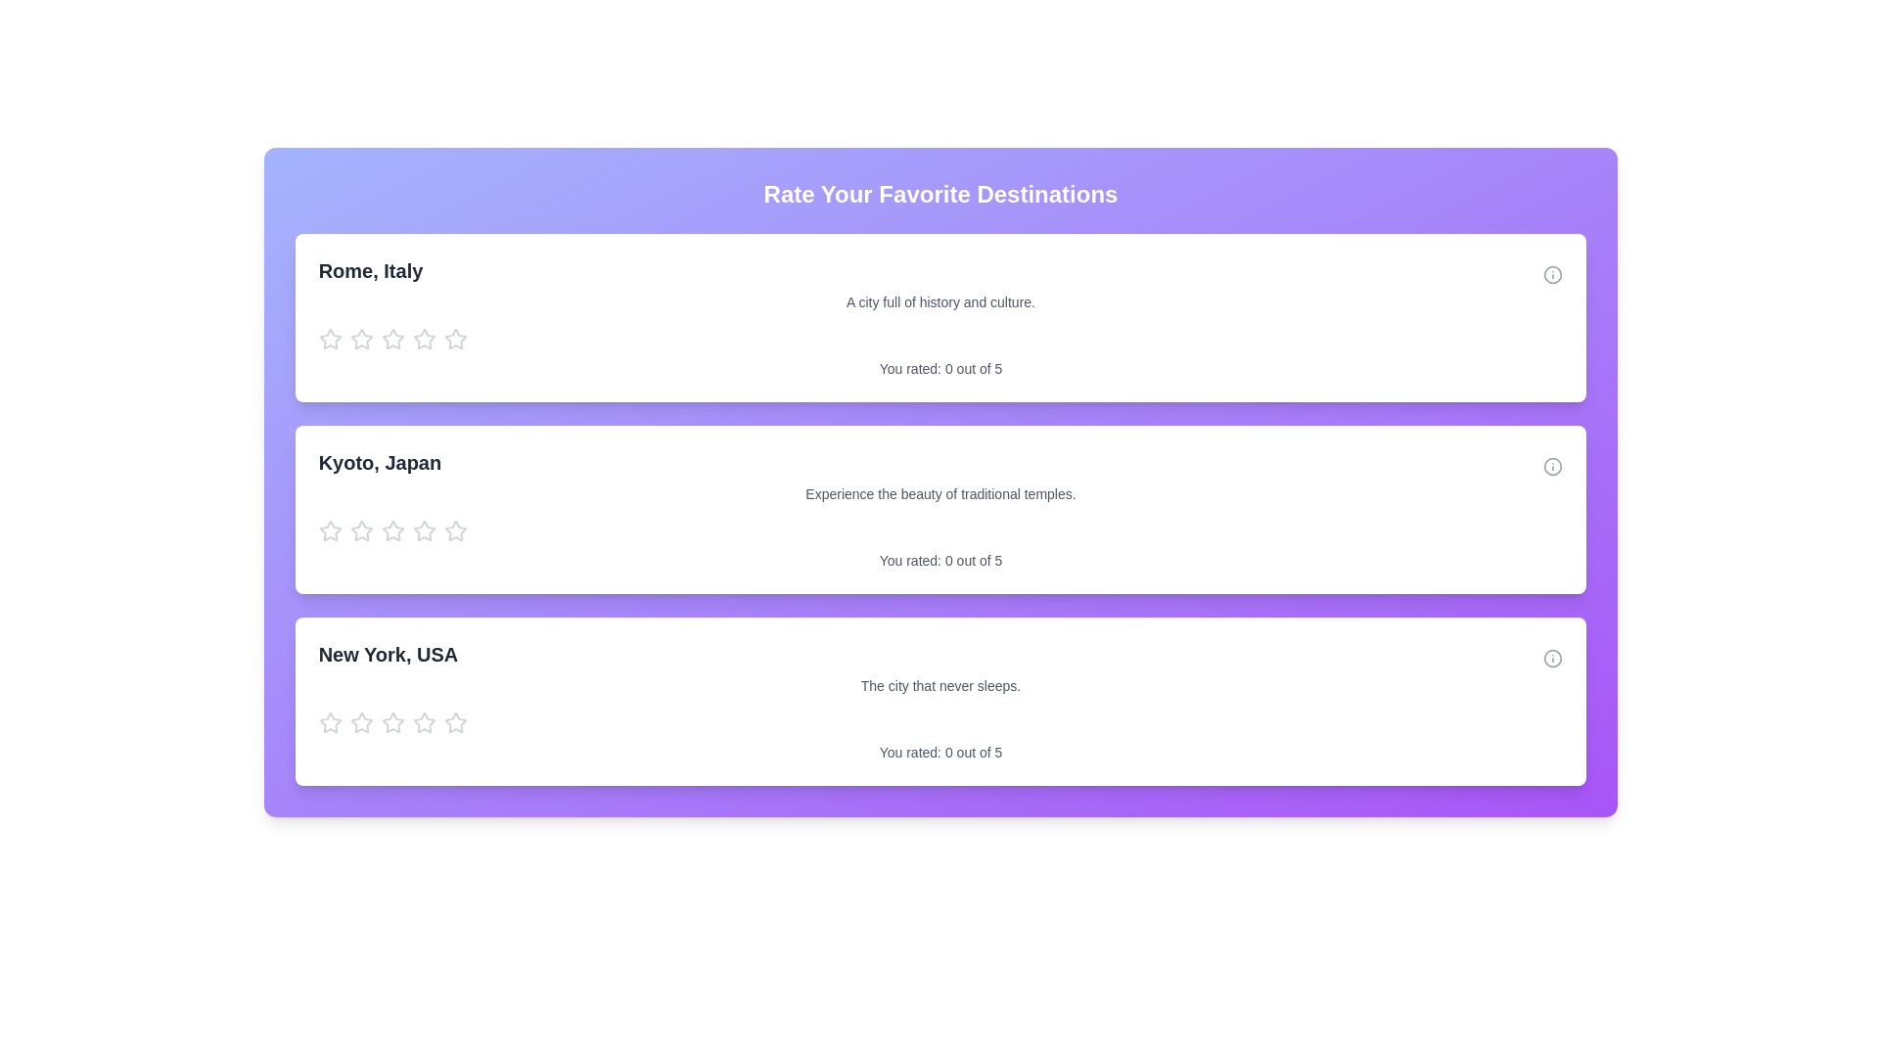  Describe the element at coordinates (454, 722) in the screenshot. I see `the fourth star icon in the star rating component under the card for 'New York, USA' to rate it` at that location.